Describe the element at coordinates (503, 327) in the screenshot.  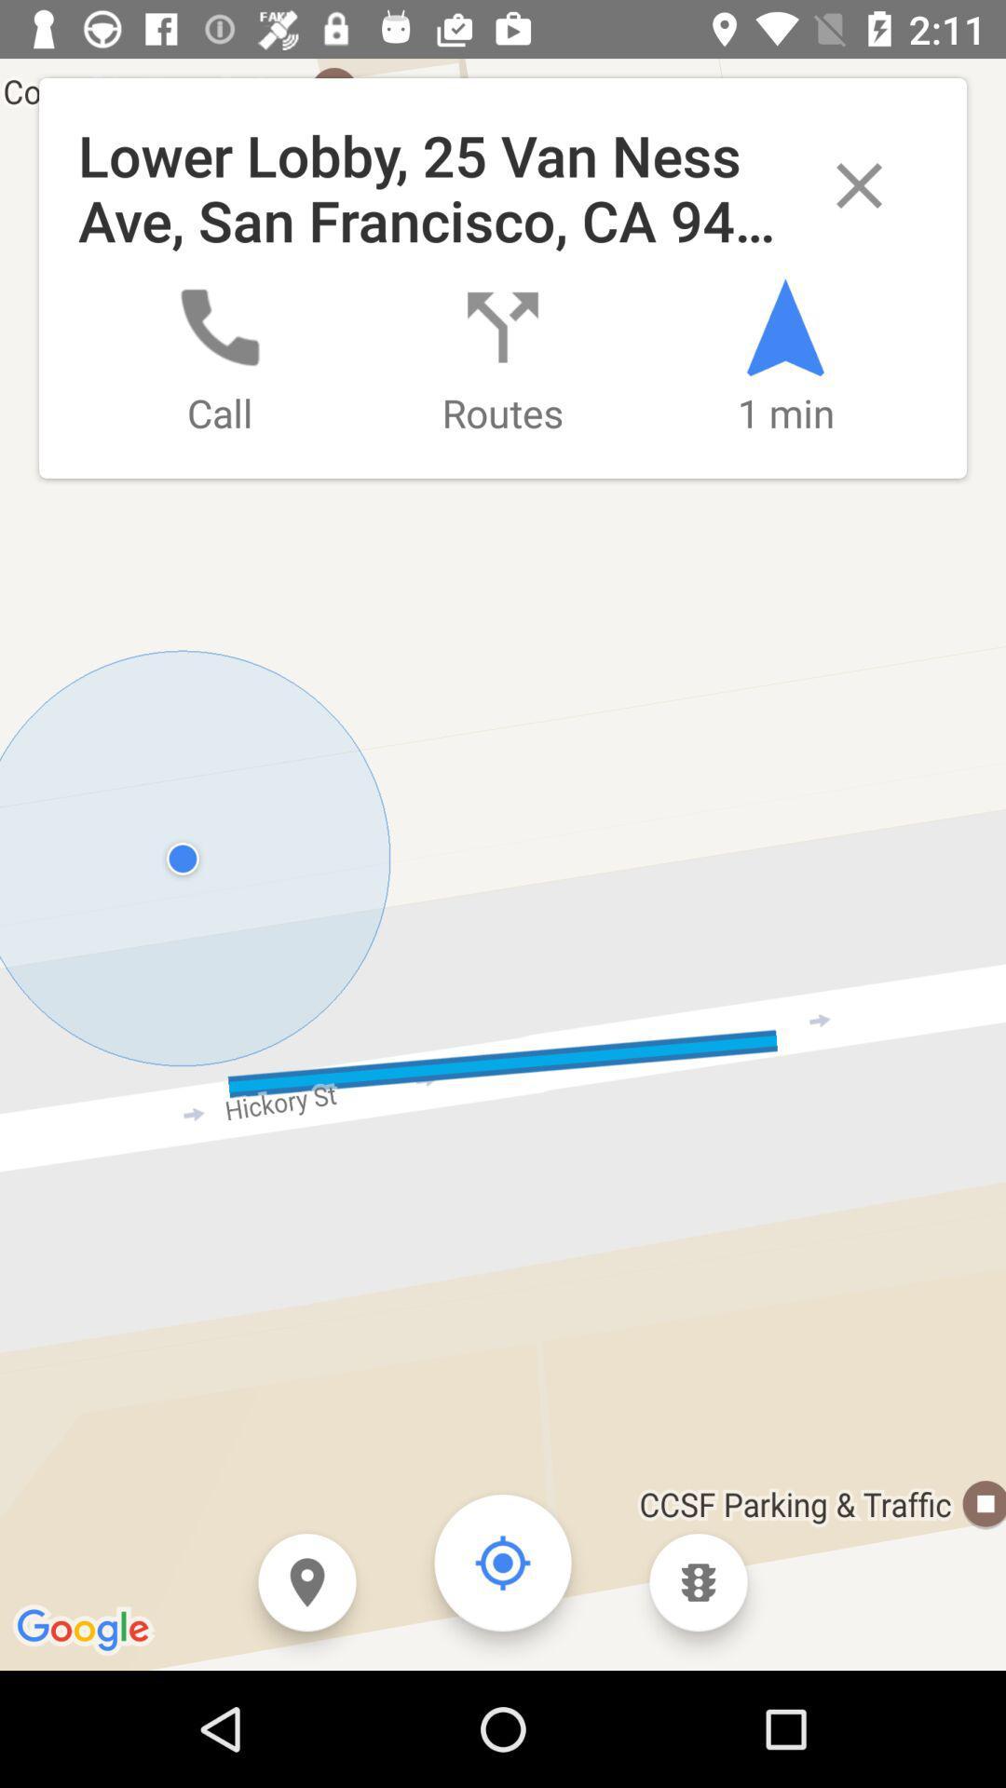
I see `the alternative arrows symbol above routes` at that location.